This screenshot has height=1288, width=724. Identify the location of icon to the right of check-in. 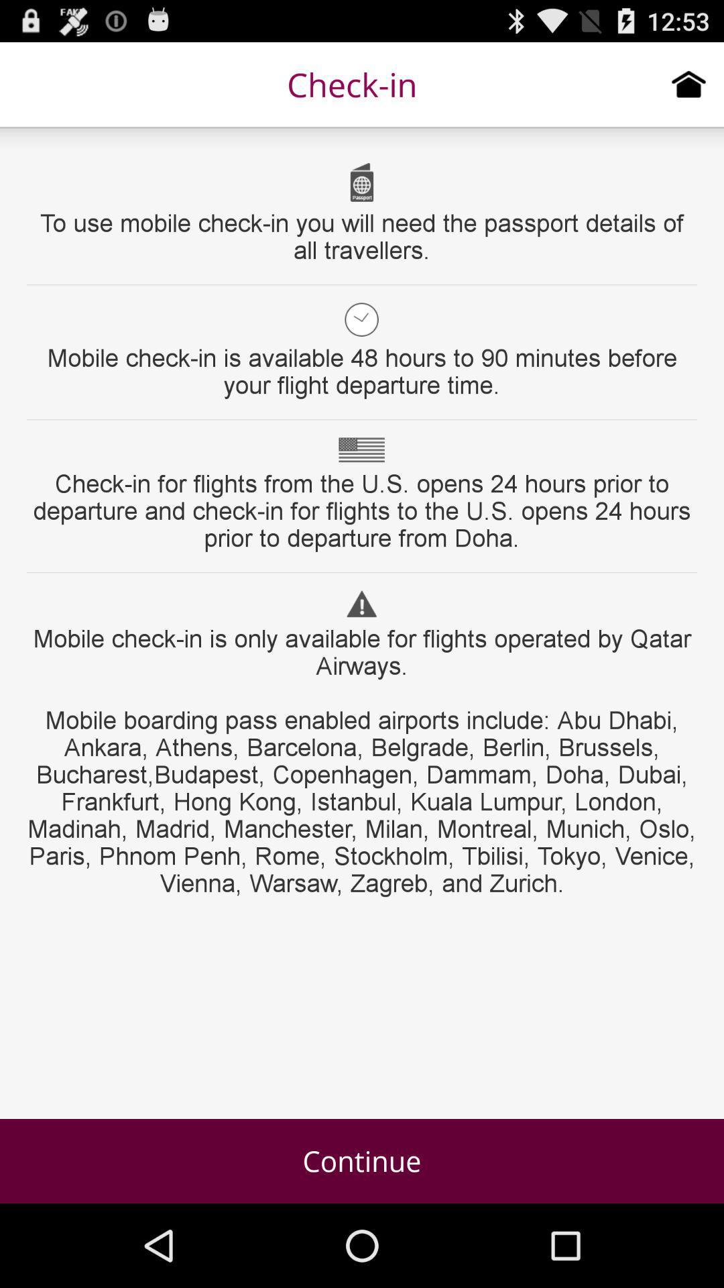
(688, 83).